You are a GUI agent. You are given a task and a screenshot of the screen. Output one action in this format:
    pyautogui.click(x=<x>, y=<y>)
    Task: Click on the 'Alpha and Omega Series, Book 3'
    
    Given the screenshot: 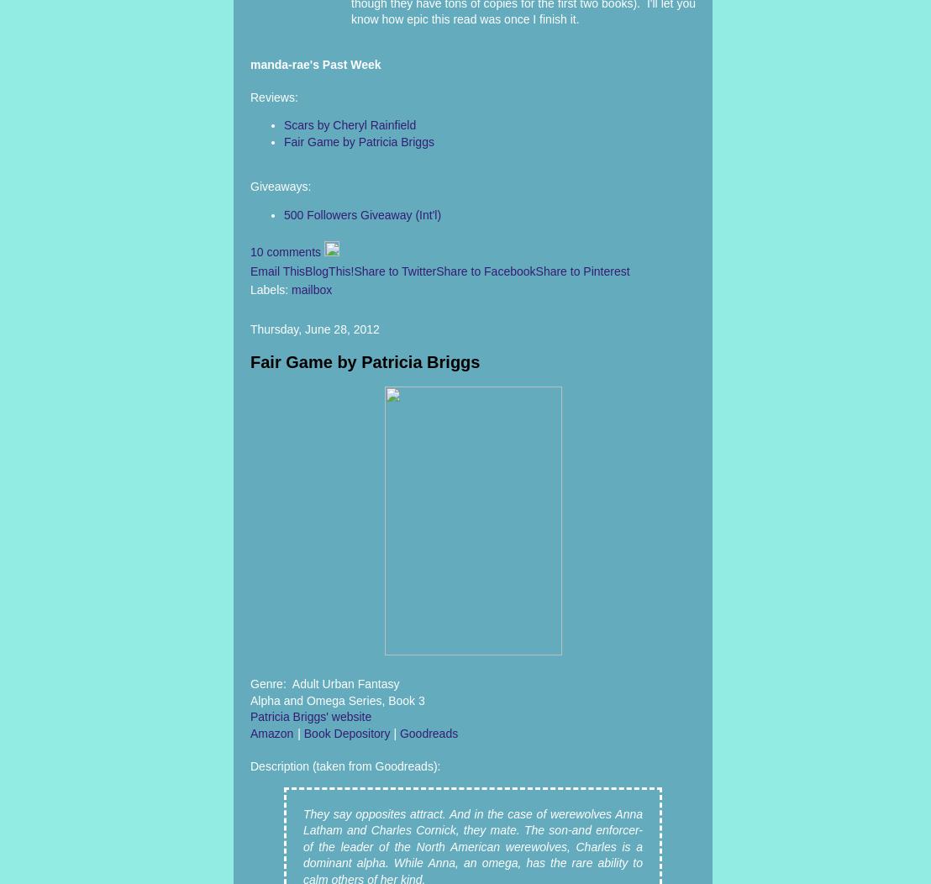 What is the action you would take?
    pyautogui.click(x=337, y=699)
    